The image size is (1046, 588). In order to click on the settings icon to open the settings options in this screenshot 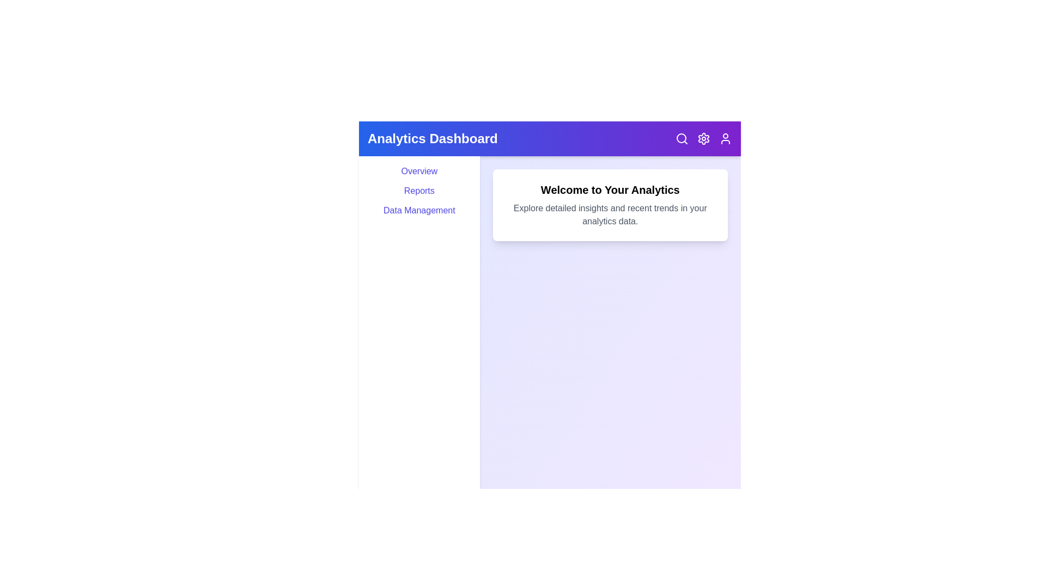, I will do `click(703, 138)`.